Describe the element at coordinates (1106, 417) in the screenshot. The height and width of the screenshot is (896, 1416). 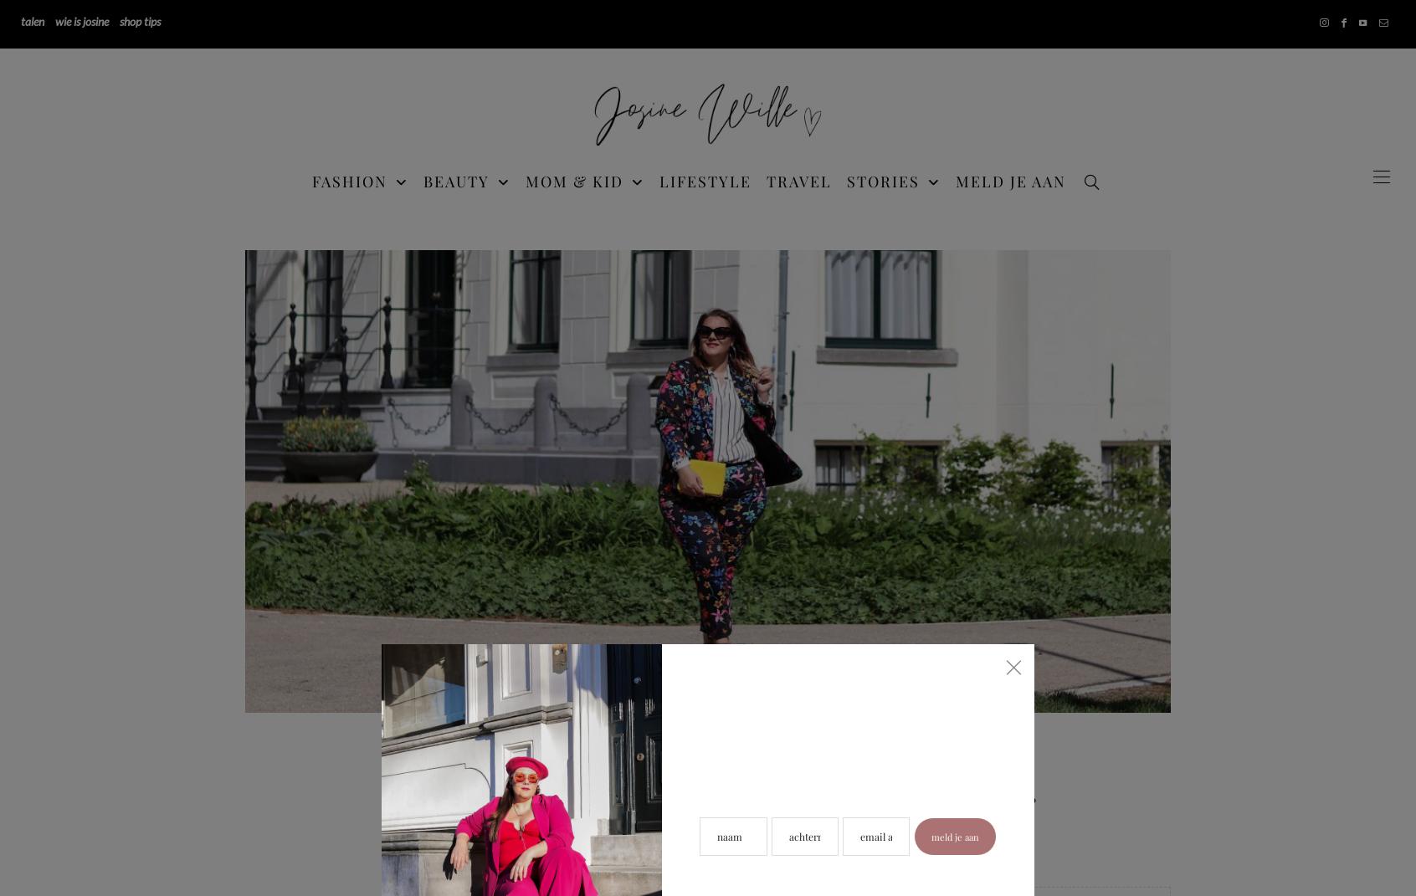
I see `'BABY & KIND'` at that location.